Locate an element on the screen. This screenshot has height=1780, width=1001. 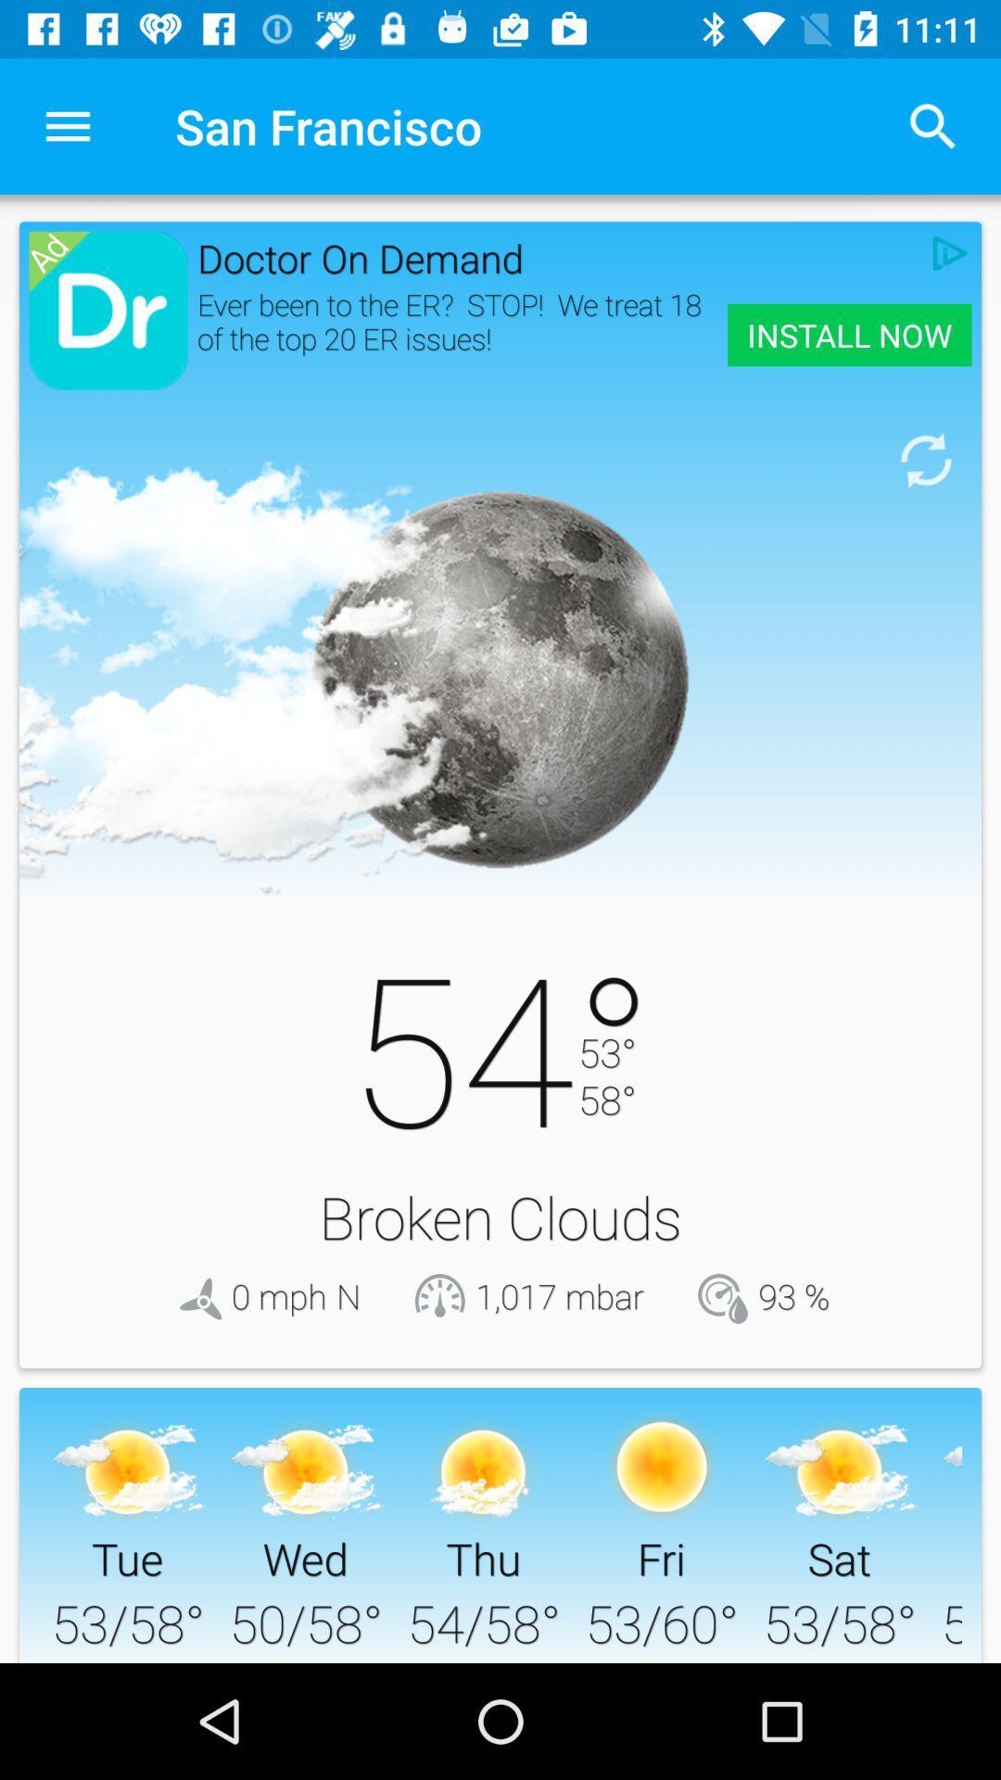
the icon next to san francisco icon is located at coordinates (67, 125).